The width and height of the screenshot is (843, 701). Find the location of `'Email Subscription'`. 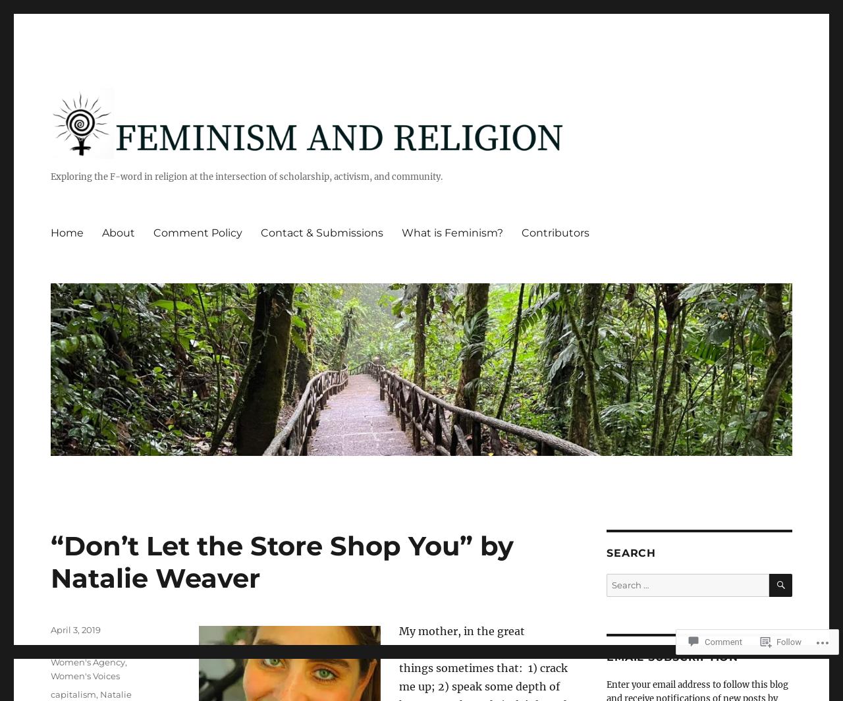

'Email Subscription' is located at coordinates (672, 657).